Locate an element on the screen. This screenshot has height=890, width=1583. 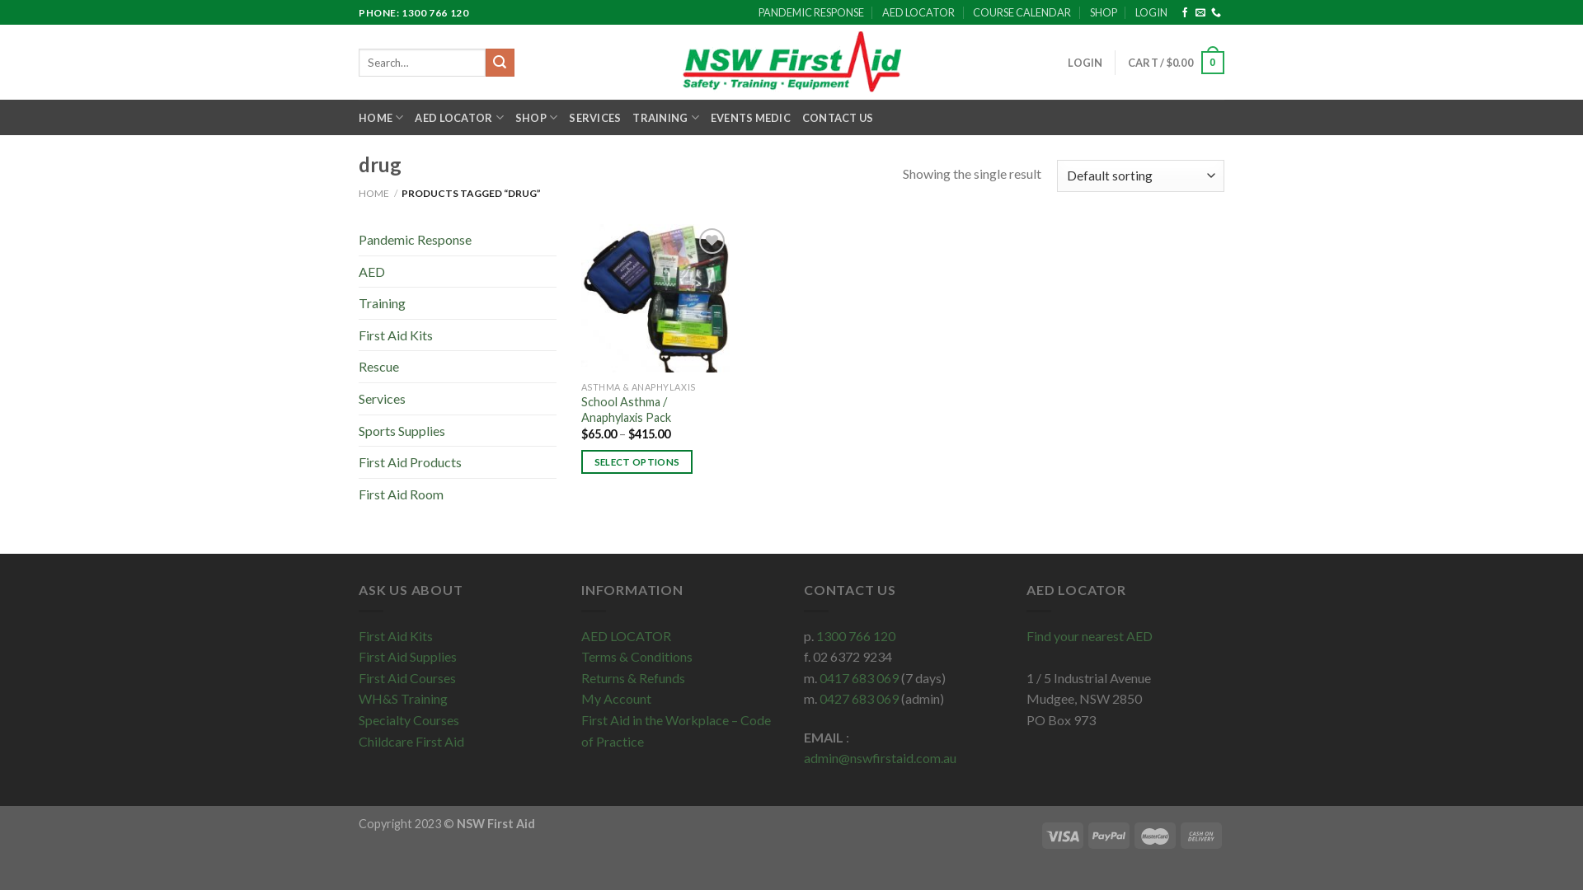
'PANDEMIC RESPONSE' is located at coordinates (810, 12).